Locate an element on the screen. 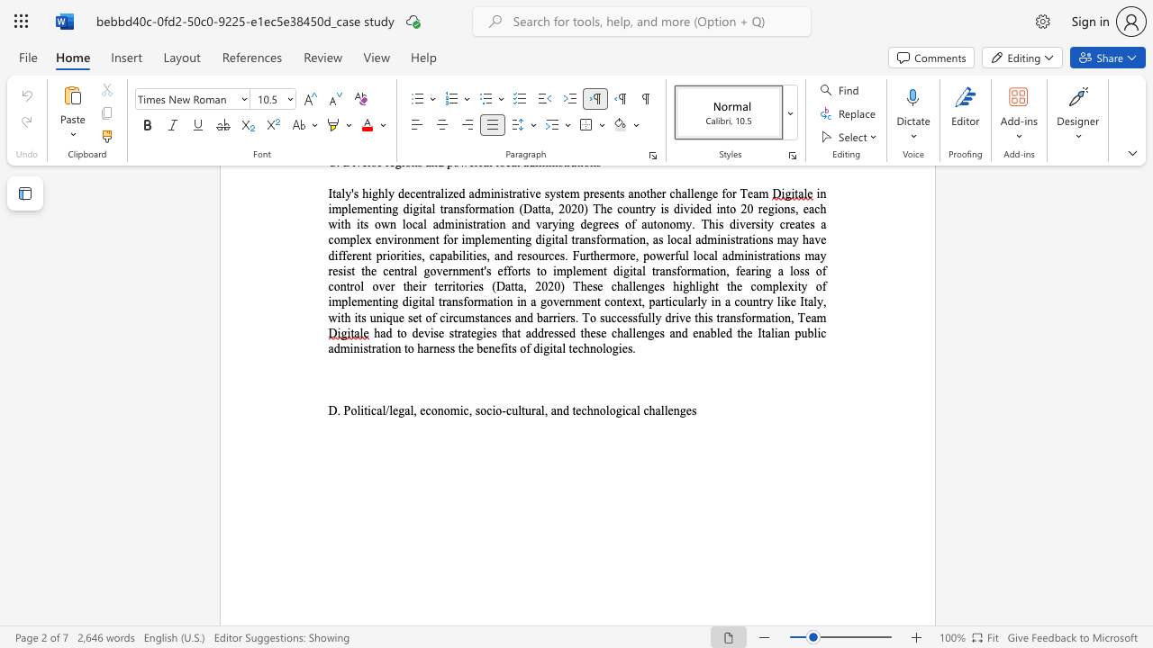 This screenshot has height=648, width=1153. the 7th character "l" in the text is located at coordinates (607, 410).